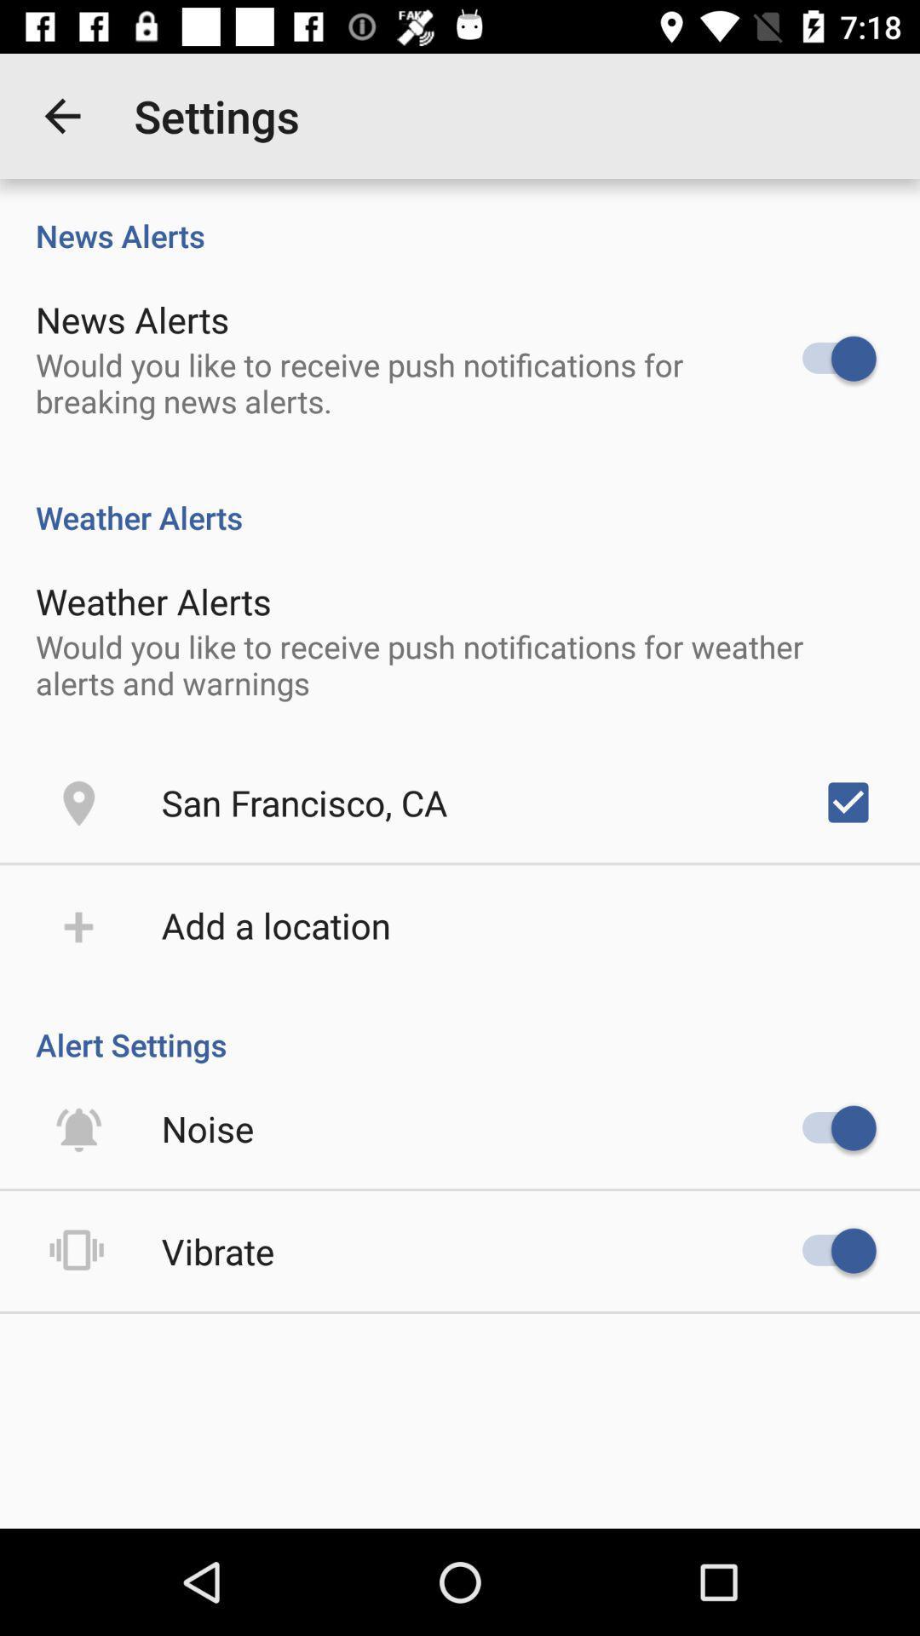  What do you see at coordinates (61, 115) in the screenshot?
I see `the app next to the settings  item` at bounding box center [61, 115].